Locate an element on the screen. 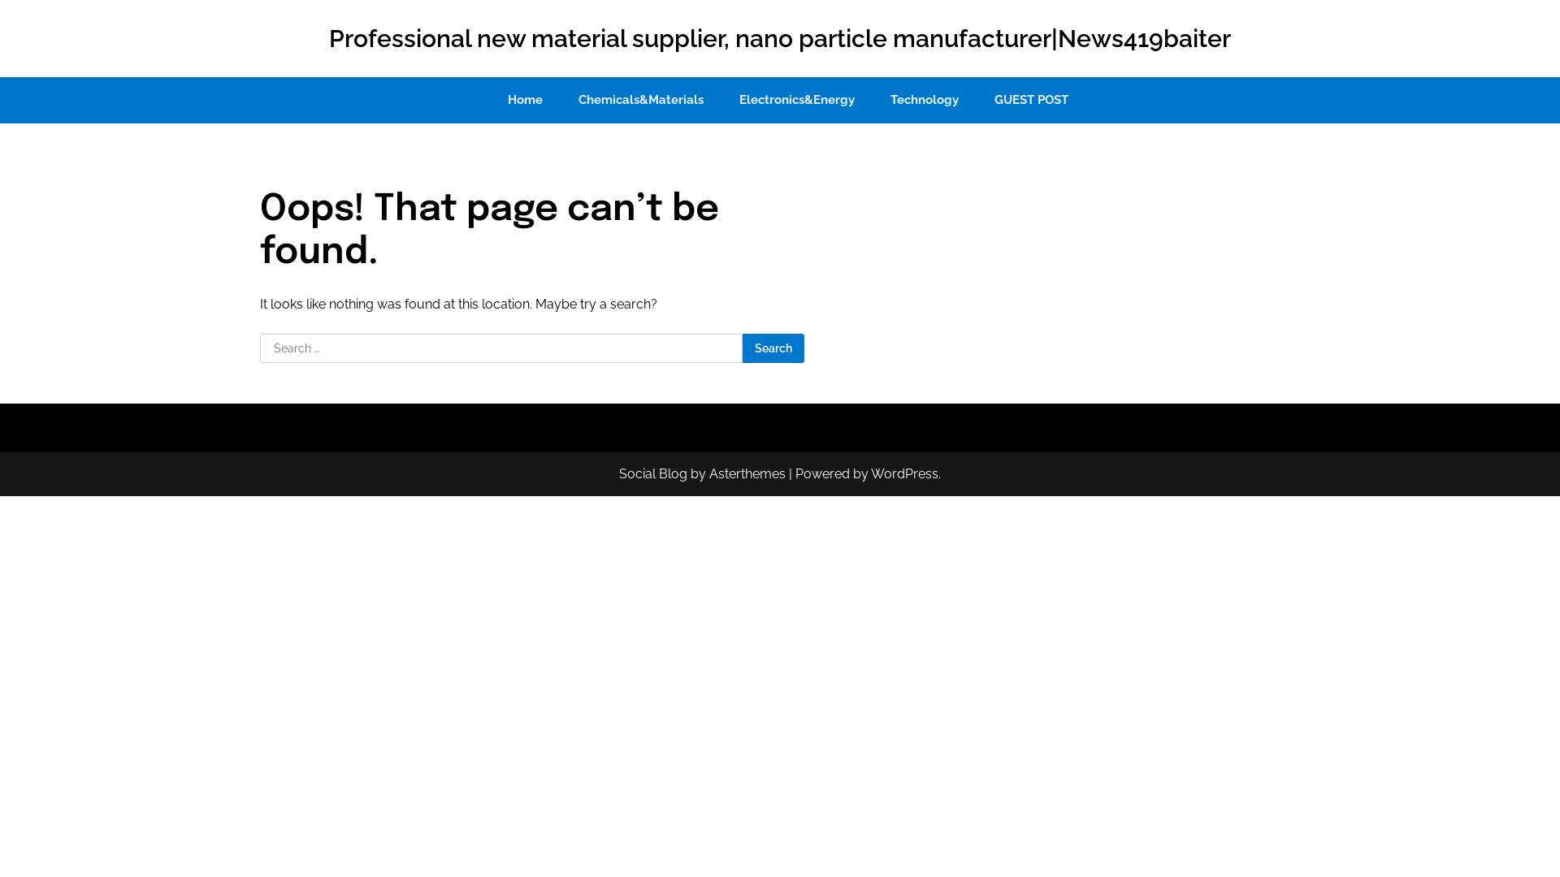  'WordPress' is located at coordinates (903, 473).